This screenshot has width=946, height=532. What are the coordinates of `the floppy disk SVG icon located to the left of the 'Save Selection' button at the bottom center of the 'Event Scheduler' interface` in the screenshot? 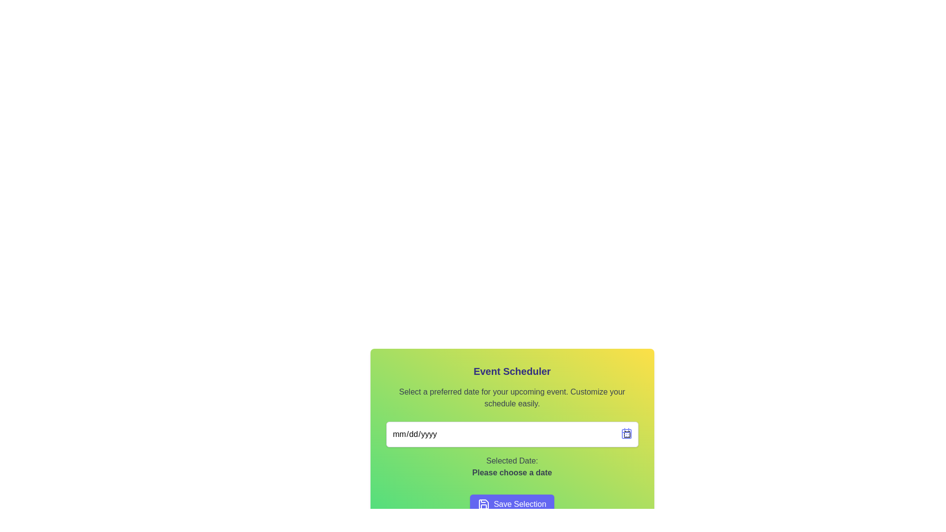 It's located at (484, 504).